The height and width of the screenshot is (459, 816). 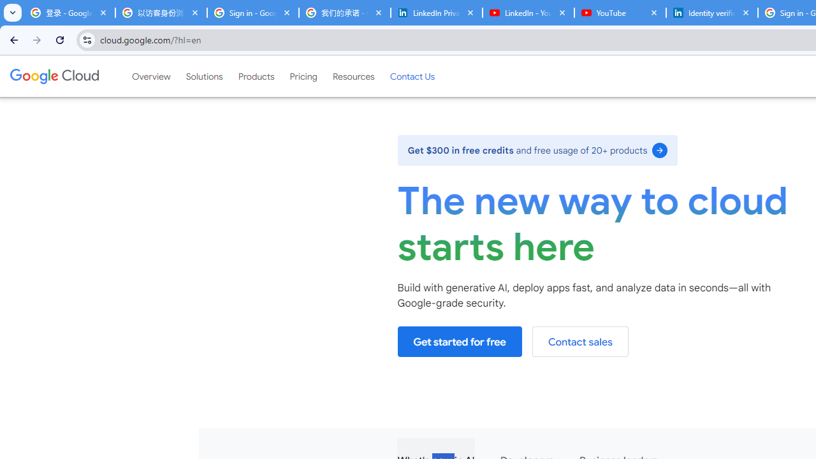 What do you see at coordinates (353, 76) in the screenshot?
I see `'Resources'` at bounding box center [353, 76].